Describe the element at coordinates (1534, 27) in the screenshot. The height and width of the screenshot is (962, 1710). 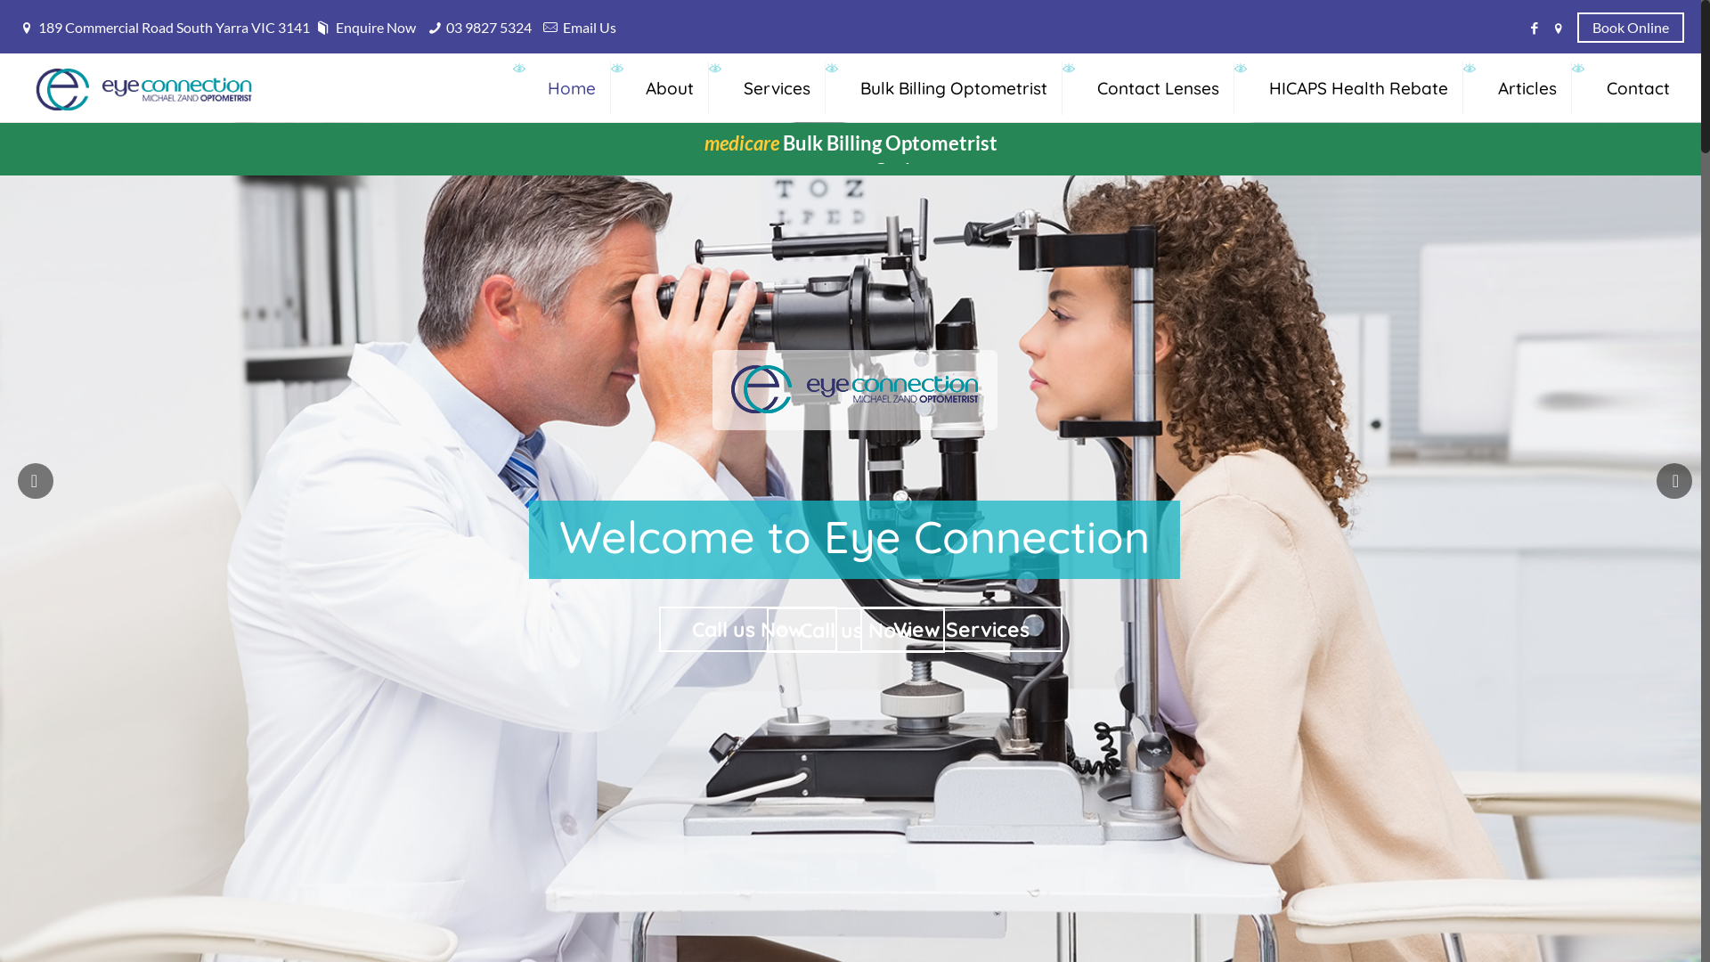
I see `'Facebook'` at that location.